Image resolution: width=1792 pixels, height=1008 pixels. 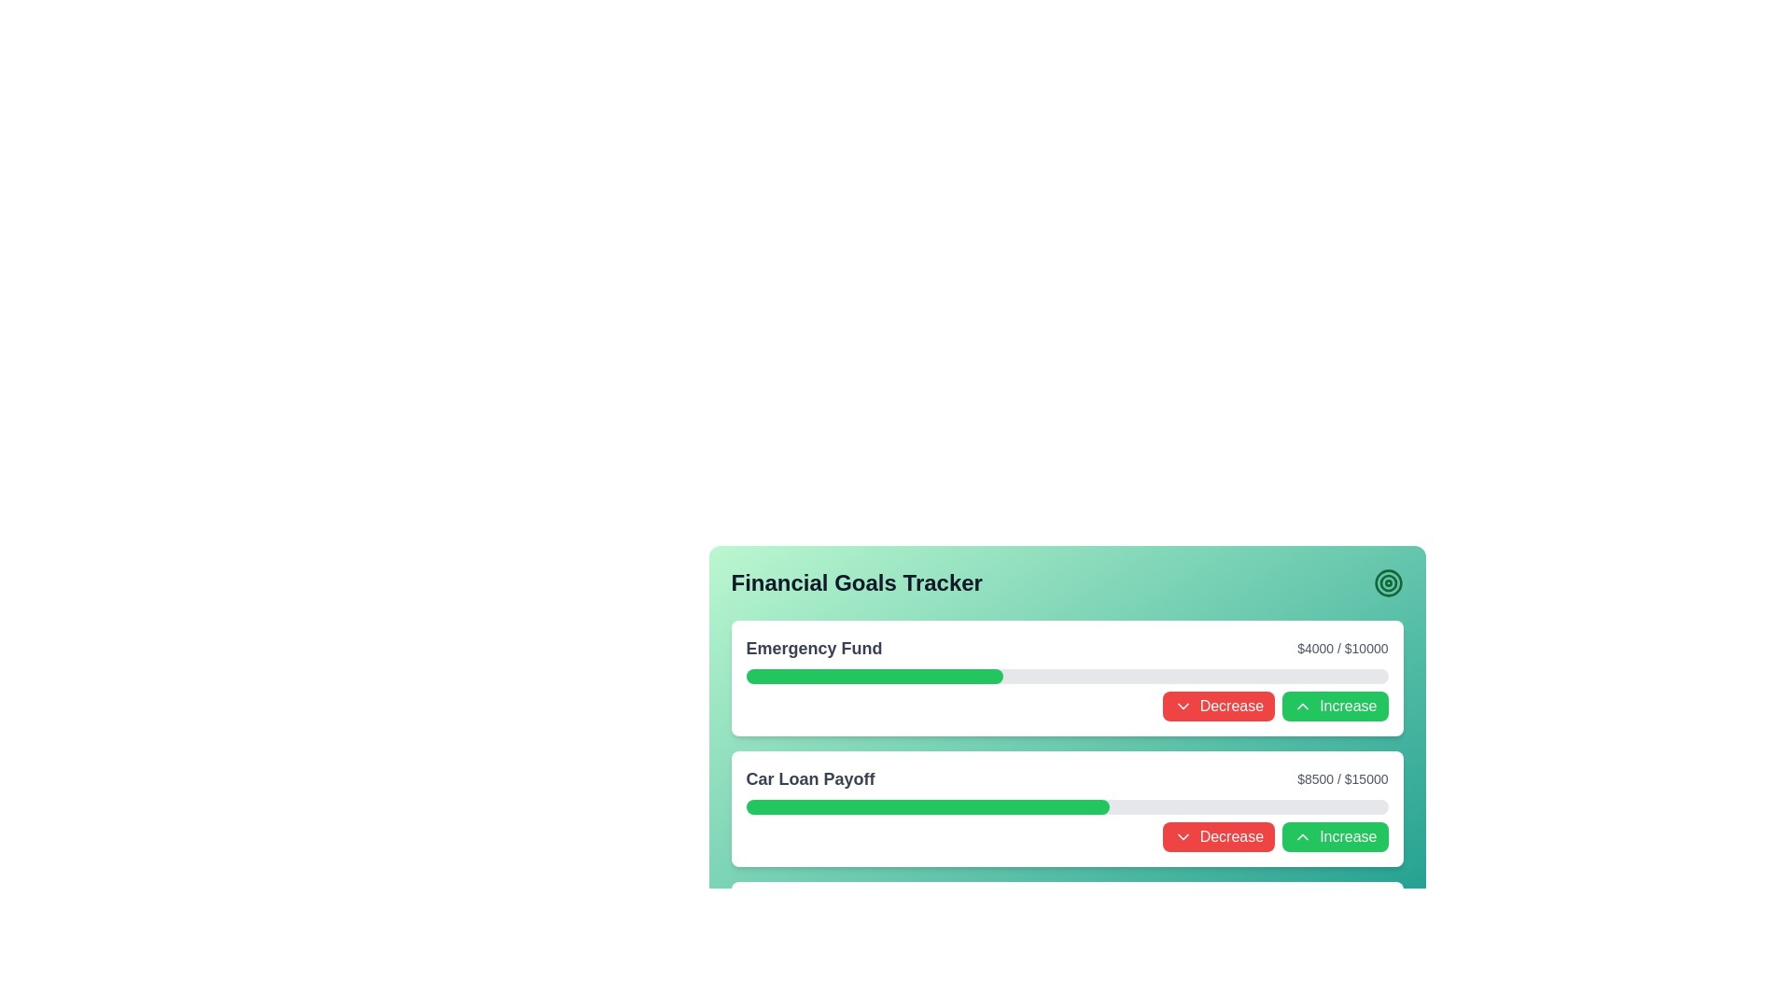 What do you see at coordinates (1334, 706) in the screenshot?
I see `the upward adjustment button` at bounding box center [1334, 706].